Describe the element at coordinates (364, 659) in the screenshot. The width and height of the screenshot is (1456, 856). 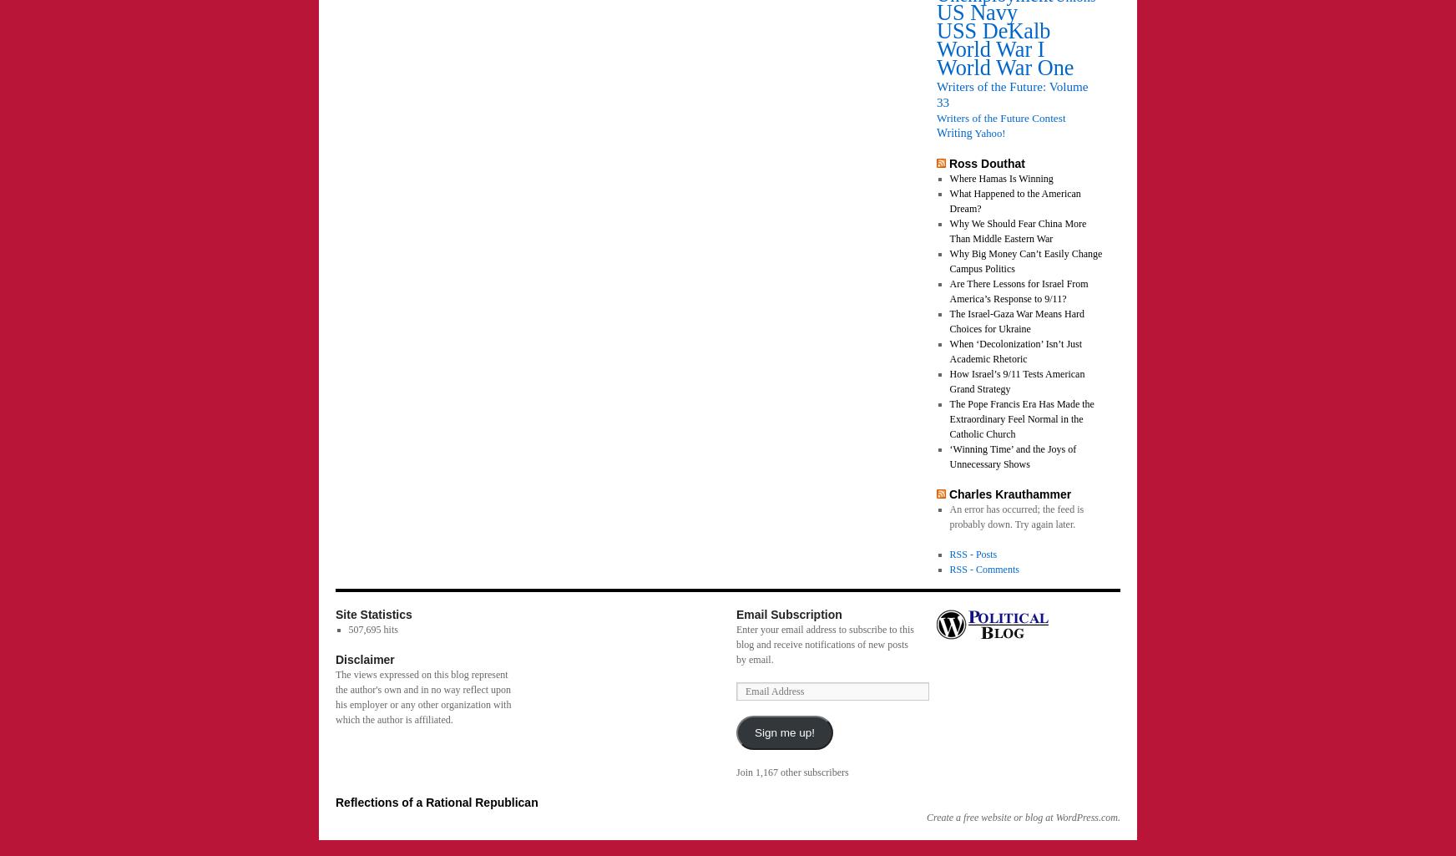
I see `'Disclaimer'` at that location.